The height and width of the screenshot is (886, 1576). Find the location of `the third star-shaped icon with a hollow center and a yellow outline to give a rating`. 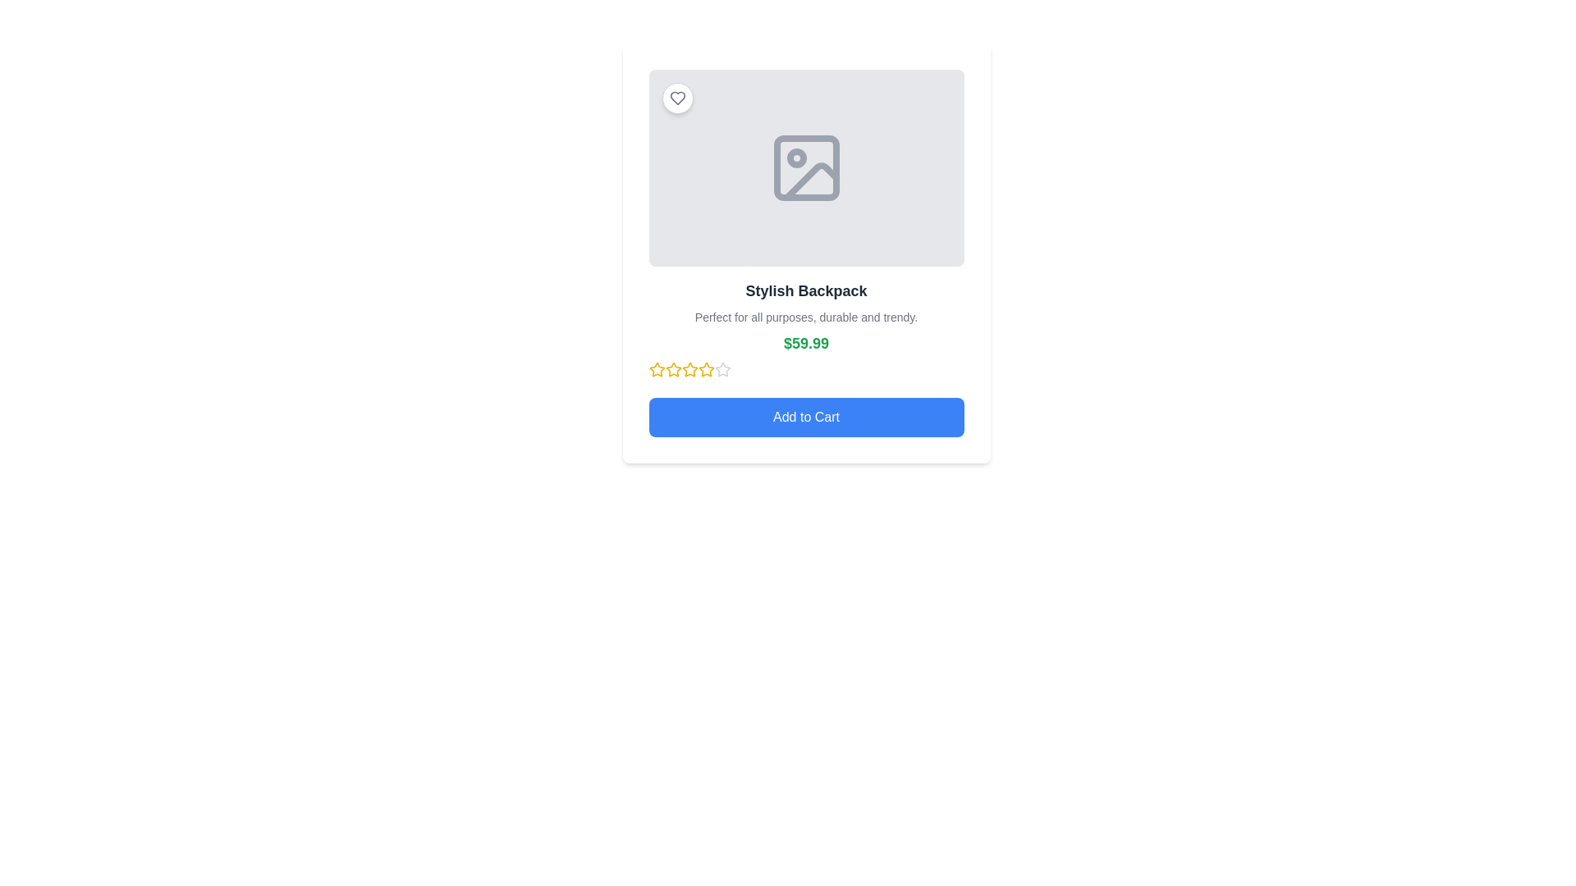

the third star-shaped icon with a hollow center and a yellow outline to give a rating is located at coordinates (689, 369).